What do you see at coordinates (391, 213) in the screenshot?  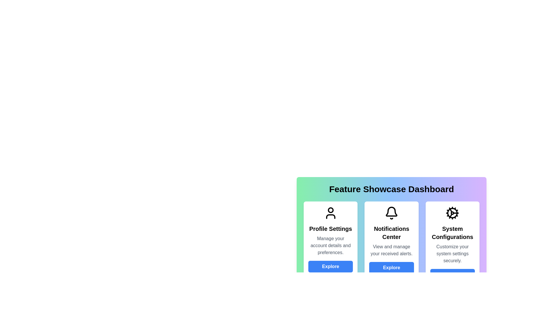 I see `the bell icon representing notifications located in the Notifications Center card at the top center, above the text 'Notifications Center'` at bounding box center [391, 213].